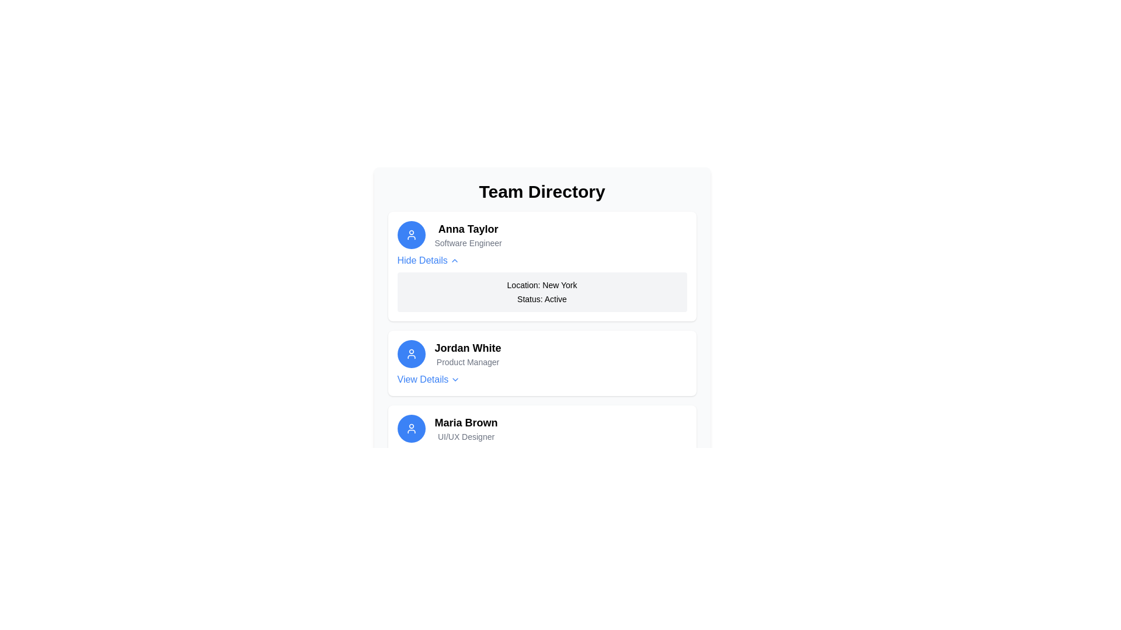  Describe the element at coordinates (411, 353) in the screenshot. I see `the user avatar icon for 'Jordan White - Product Manager' located at the start of the second entry in the list` at that location.